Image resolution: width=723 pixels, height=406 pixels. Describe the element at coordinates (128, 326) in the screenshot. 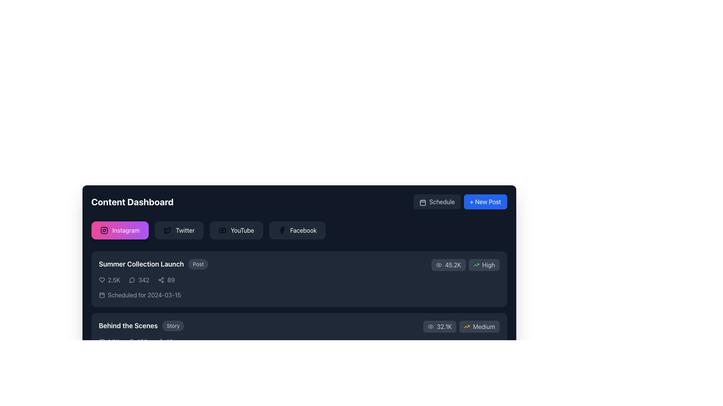

I see `descriptive title text located near the bottom left of the layout, positioned to the left of the smaller text label 'Story'` at that location.